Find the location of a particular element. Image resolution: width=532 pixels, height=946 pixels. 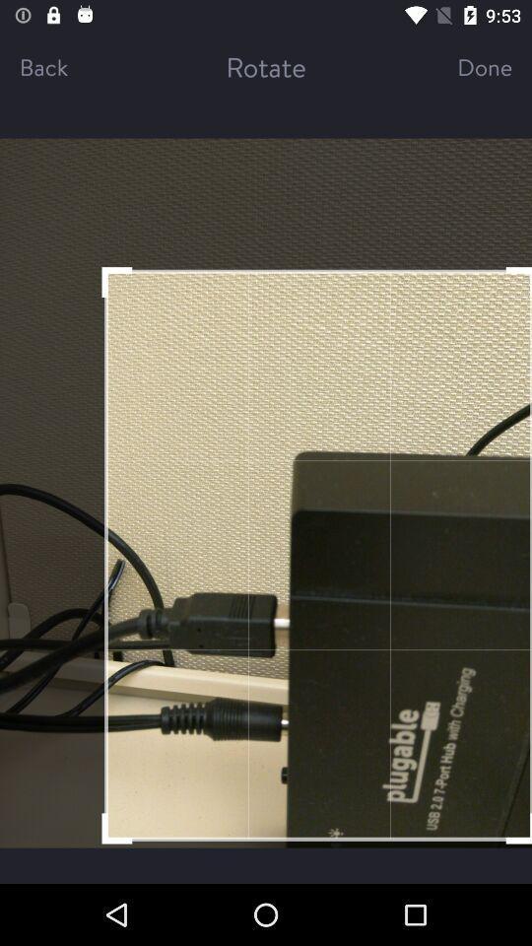

item to the left of done item is located at coordinates (266, 66).